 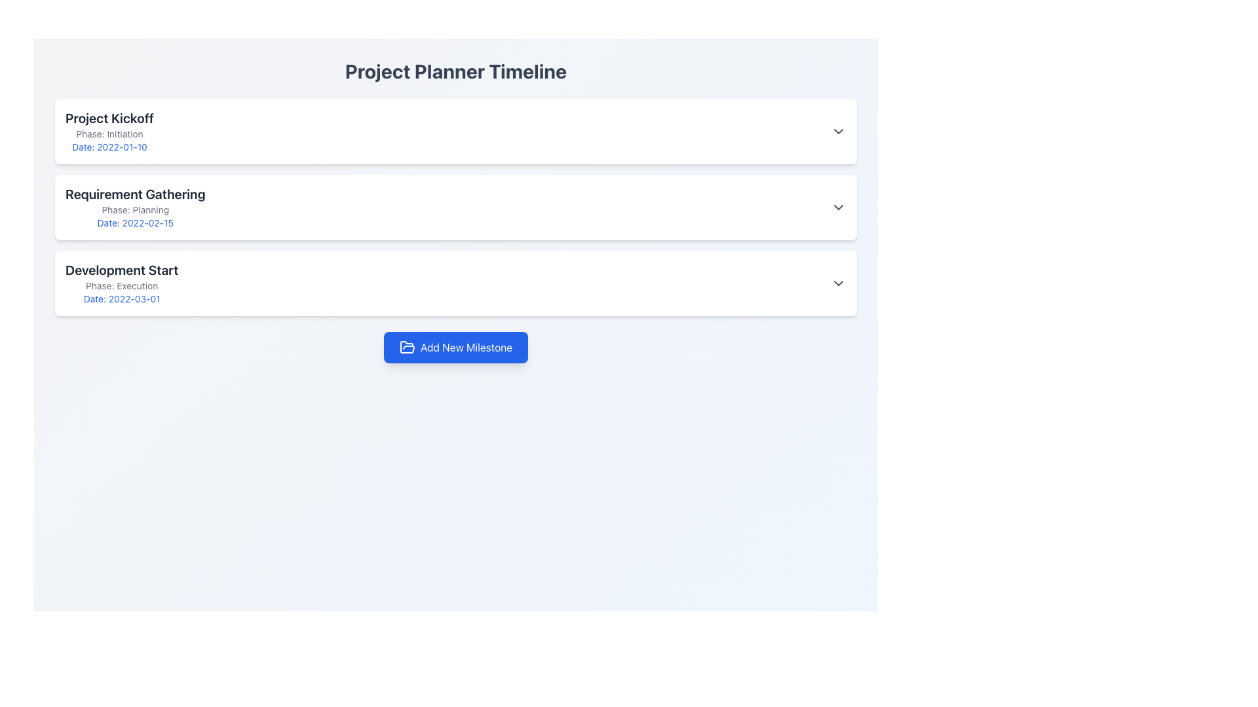 What do you see at coordinates (406, 346) in the screenshot?
I see `the blue open folder icon located above the 'Add New Milestone' button` at bounding box center [406, 346].